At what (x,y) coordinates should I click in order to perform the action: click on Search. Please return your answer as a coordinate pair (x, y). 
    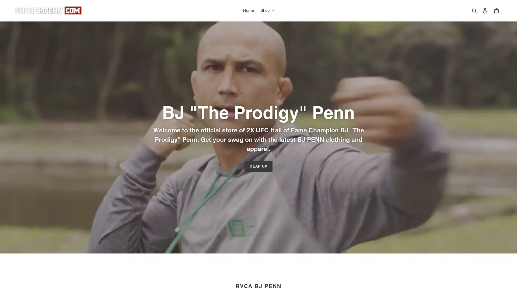
    Looking at the image, I should click on (475, 10).